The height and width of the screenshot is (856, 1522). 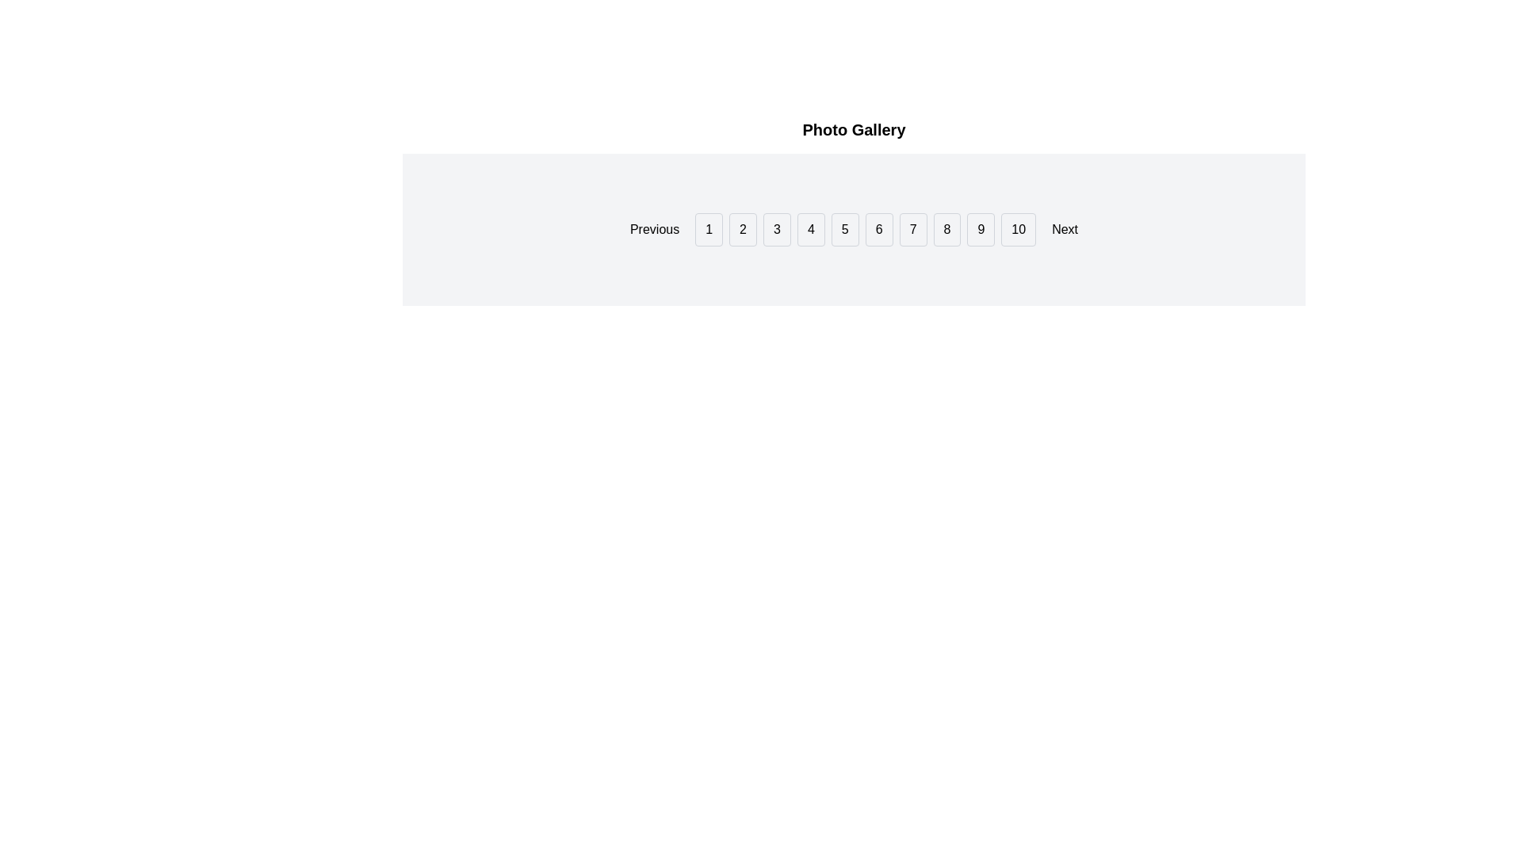 What do you see at coordinates (777, 229) in the screenshot?
I see `the navigation button labeled '3' in the pagination control under the 'Photo Gallery' title` at bounding box center [777, 229].